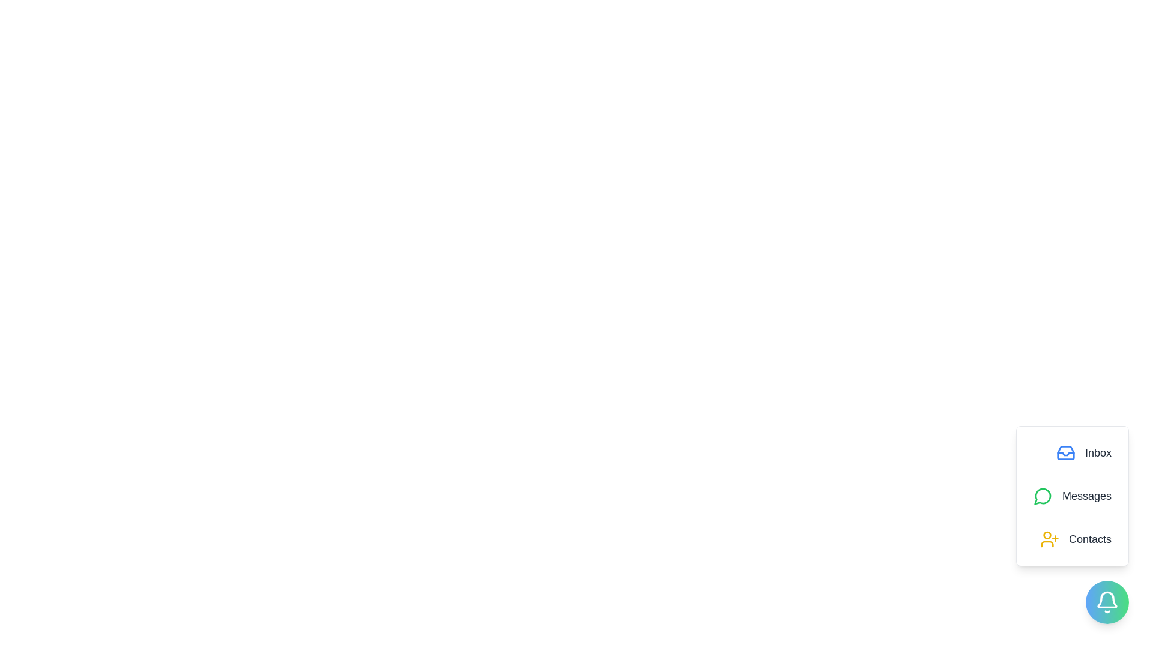  Describe the element at coordinates (1072, 496) in the screenshot. I see `the 'Messages' option in the speed dial` at that location.